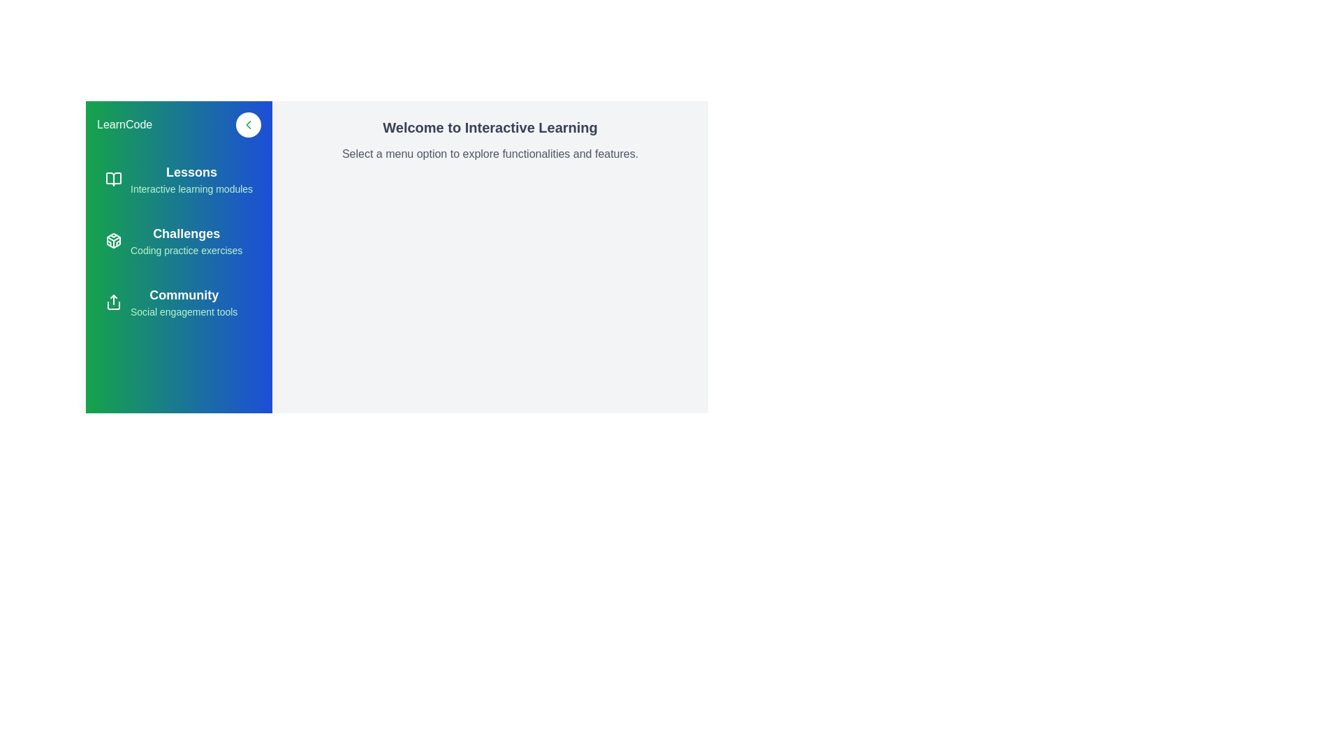  What do you see at coordinates (248, 124) in the screenshot?
I see `chevron button to toggle the drawer` at bounding box center [248, 124].